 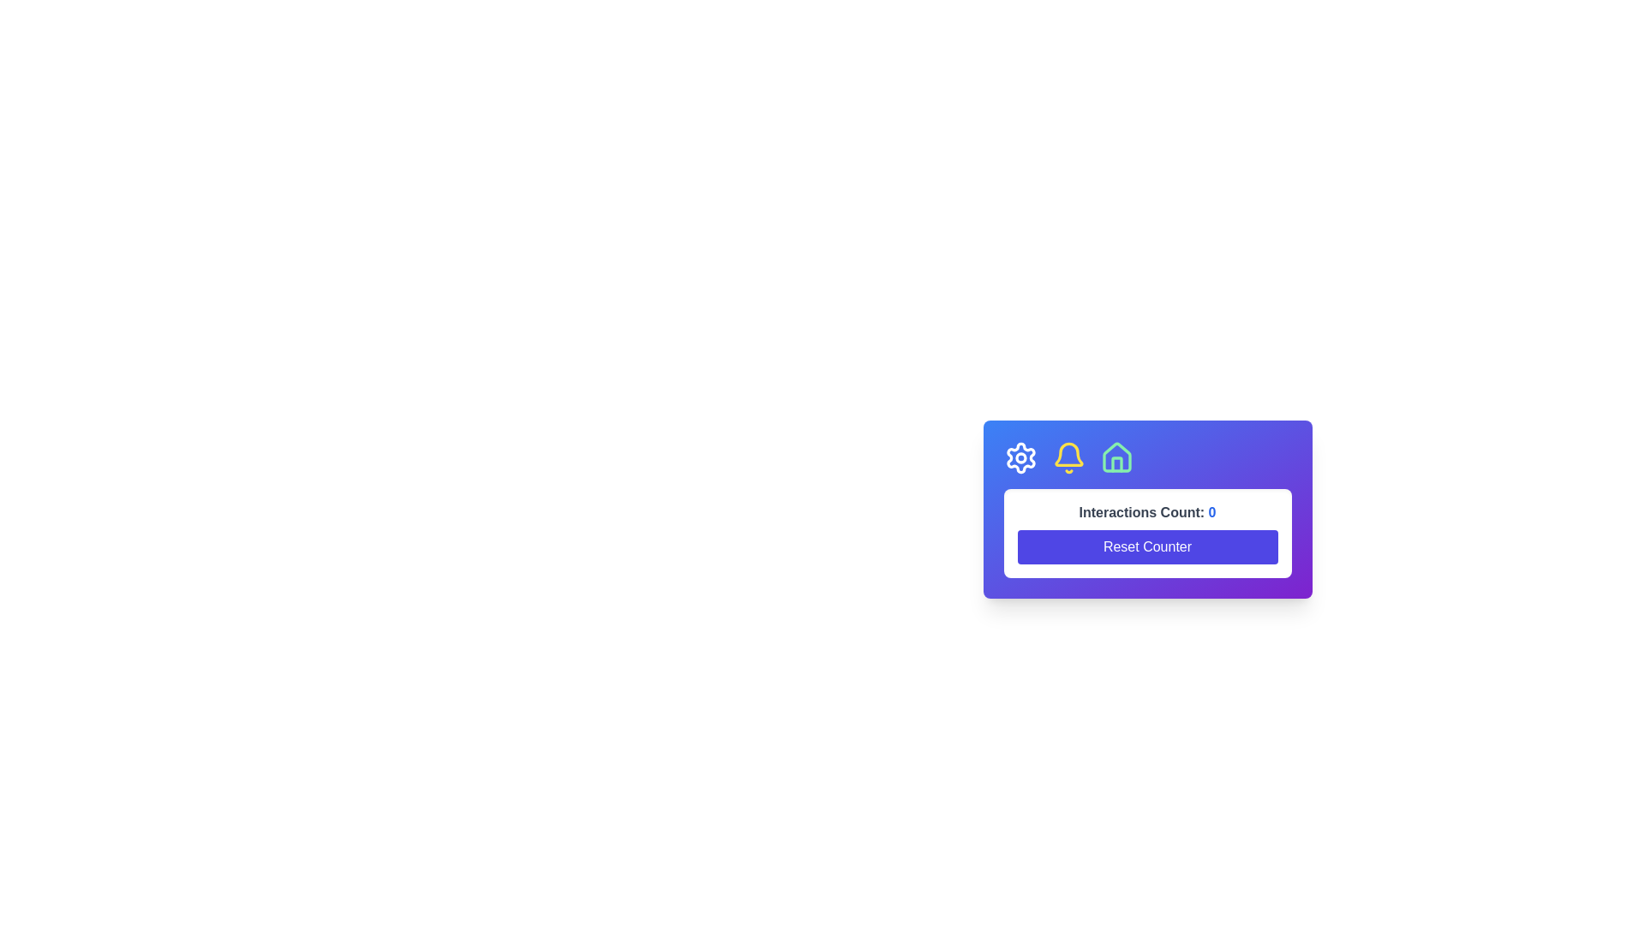 What do you see at coordinates (1147, 511) in the screenshot?
I see `displayed text from the bold gray label that shows 'Interactions Count: 0', which is centrally located within a blue panel above the 'Reset Counter' button` at bounding box center [1147, 511].